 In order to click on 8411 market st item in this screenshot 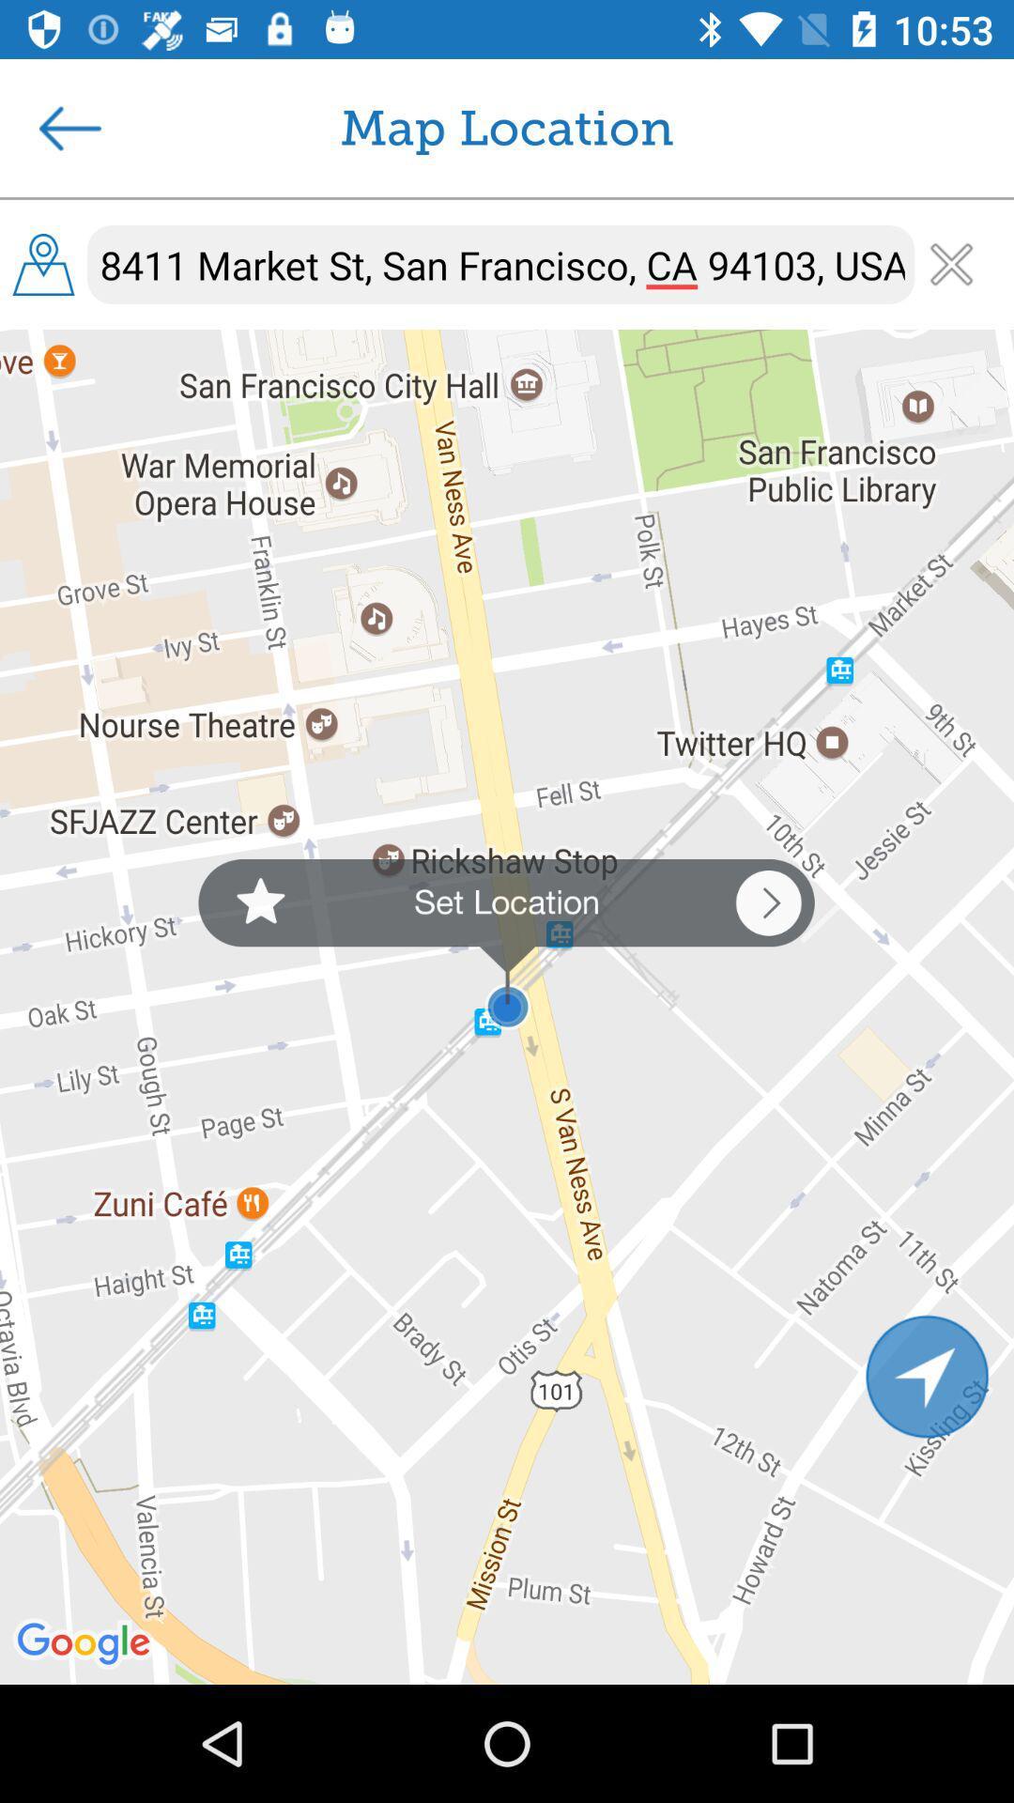, I will do `click(499, 264)`.